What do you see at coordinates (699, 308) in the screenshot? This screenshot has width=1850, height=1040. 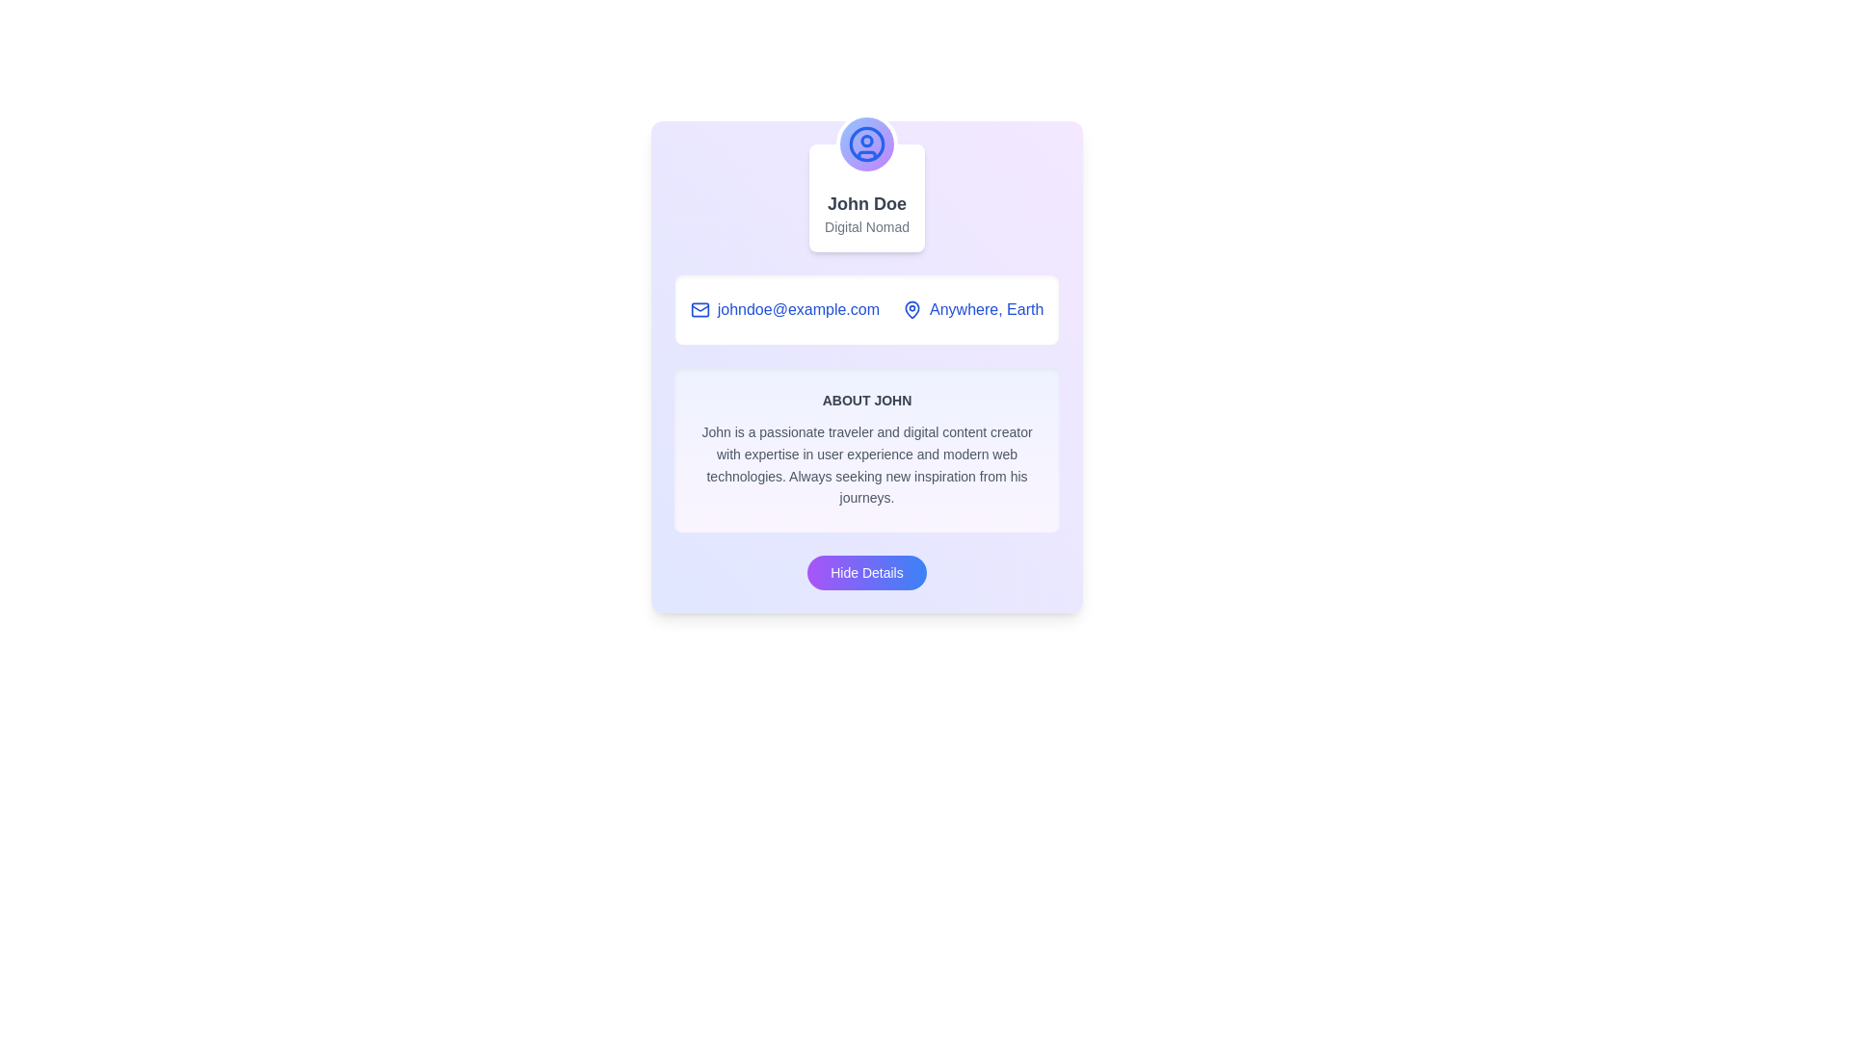 I see `the blue outline envelope-shaped icon positioned to the left of the email address 'johndoe@example.com'` at bounding box center [699, 308].